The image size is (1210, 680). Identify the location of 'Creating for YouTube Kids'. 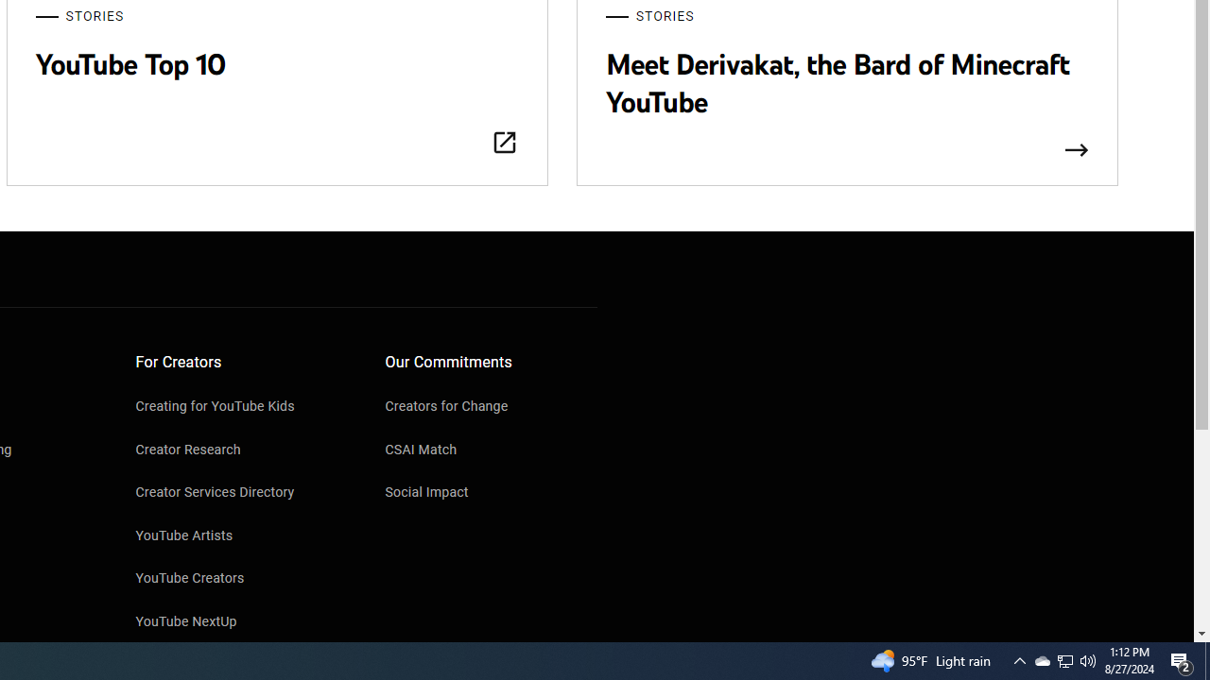
(241, 407).